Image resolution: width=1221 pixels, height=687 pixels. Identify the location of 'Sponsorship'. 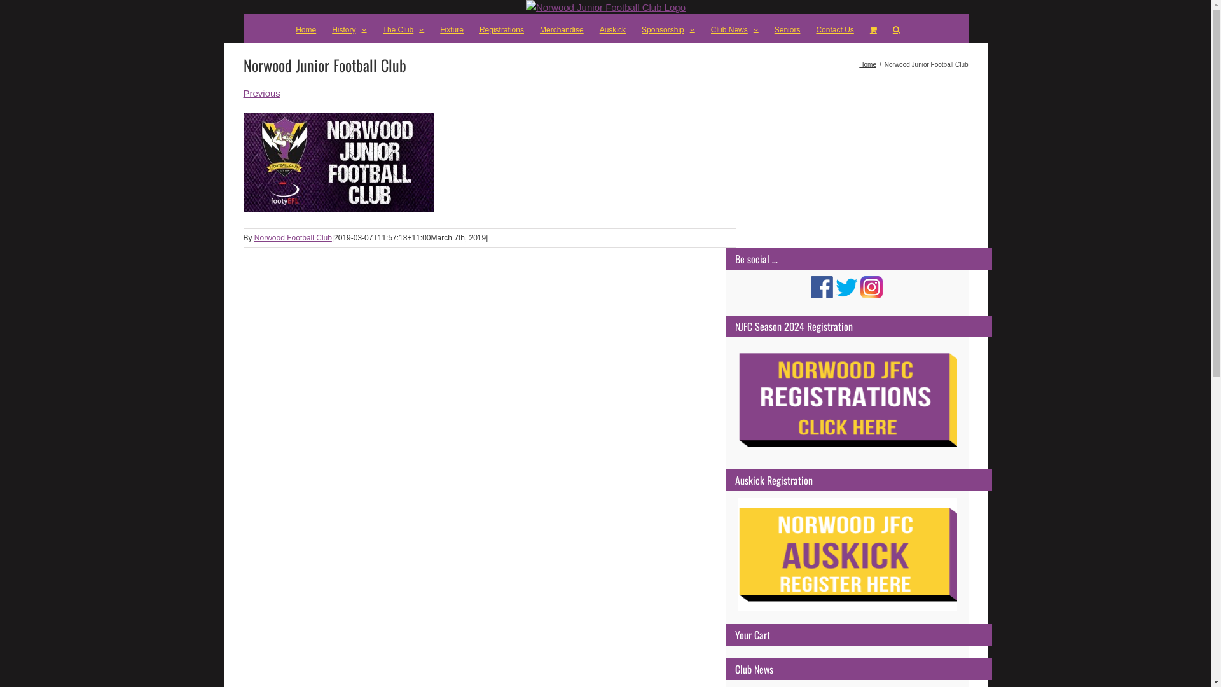
(668, 29).